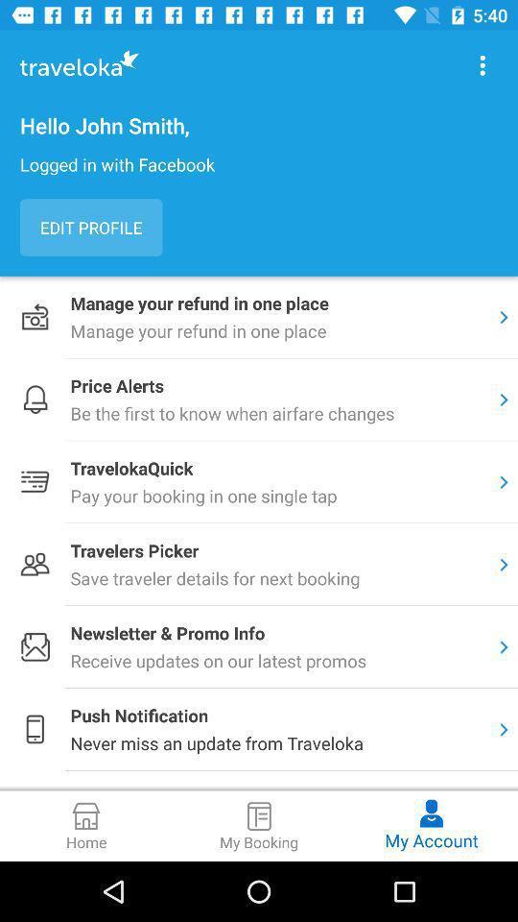 This screenshot has height=922, width=518. I want to click on bookmarks and history, so click(482, 65).